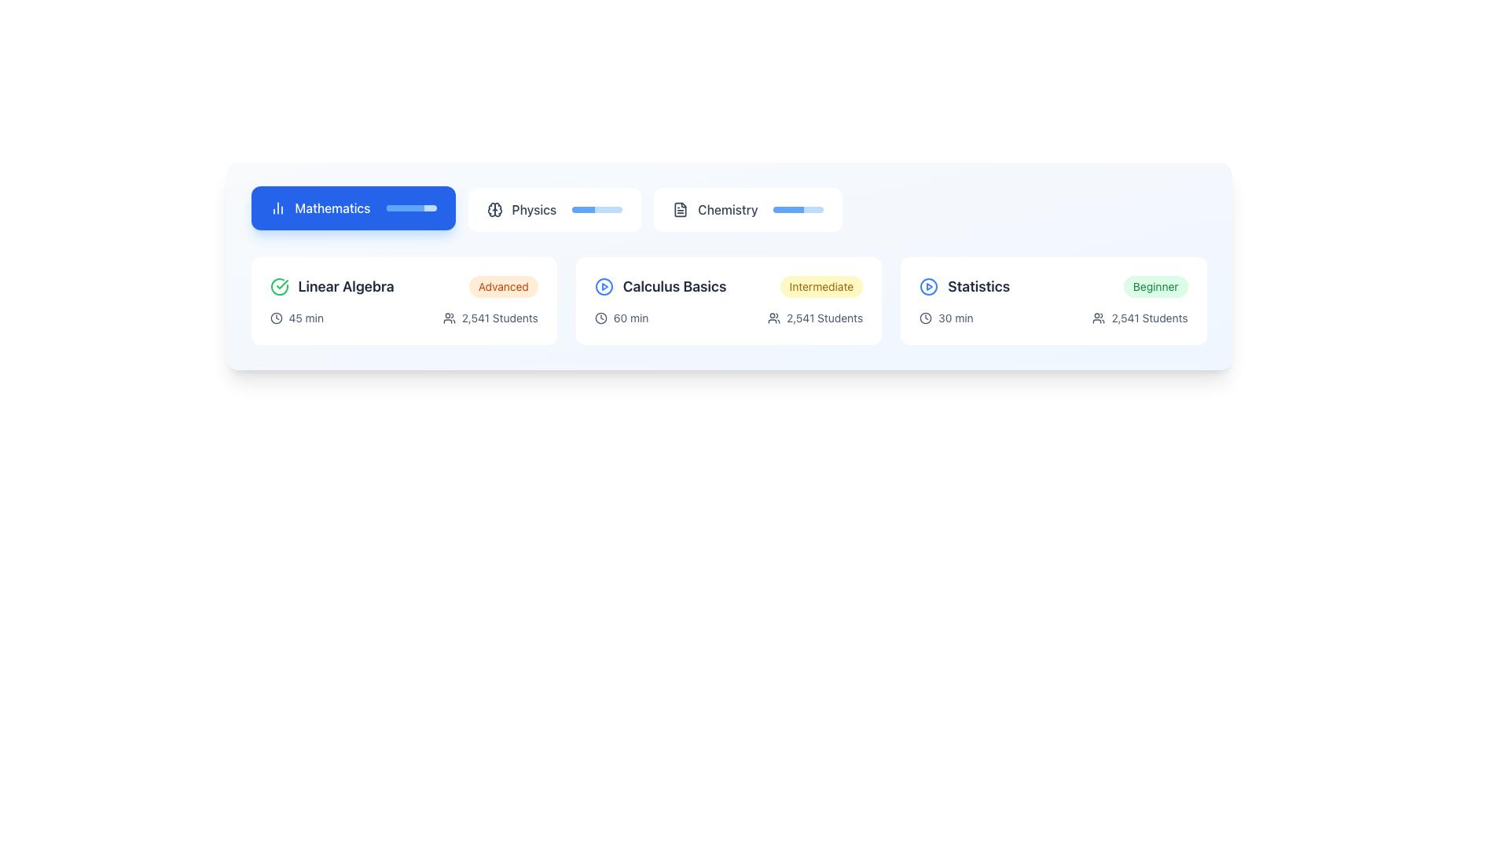 The width and height of the screenshot is (1509, 849). What do you see at coordinates (799, 208) in the screenshot?
I see `the horizontal progress bar with a light blue background, located to the right of the 'Chemistry' label in the 'Chemistry' card` at bounding box center [799, 208].